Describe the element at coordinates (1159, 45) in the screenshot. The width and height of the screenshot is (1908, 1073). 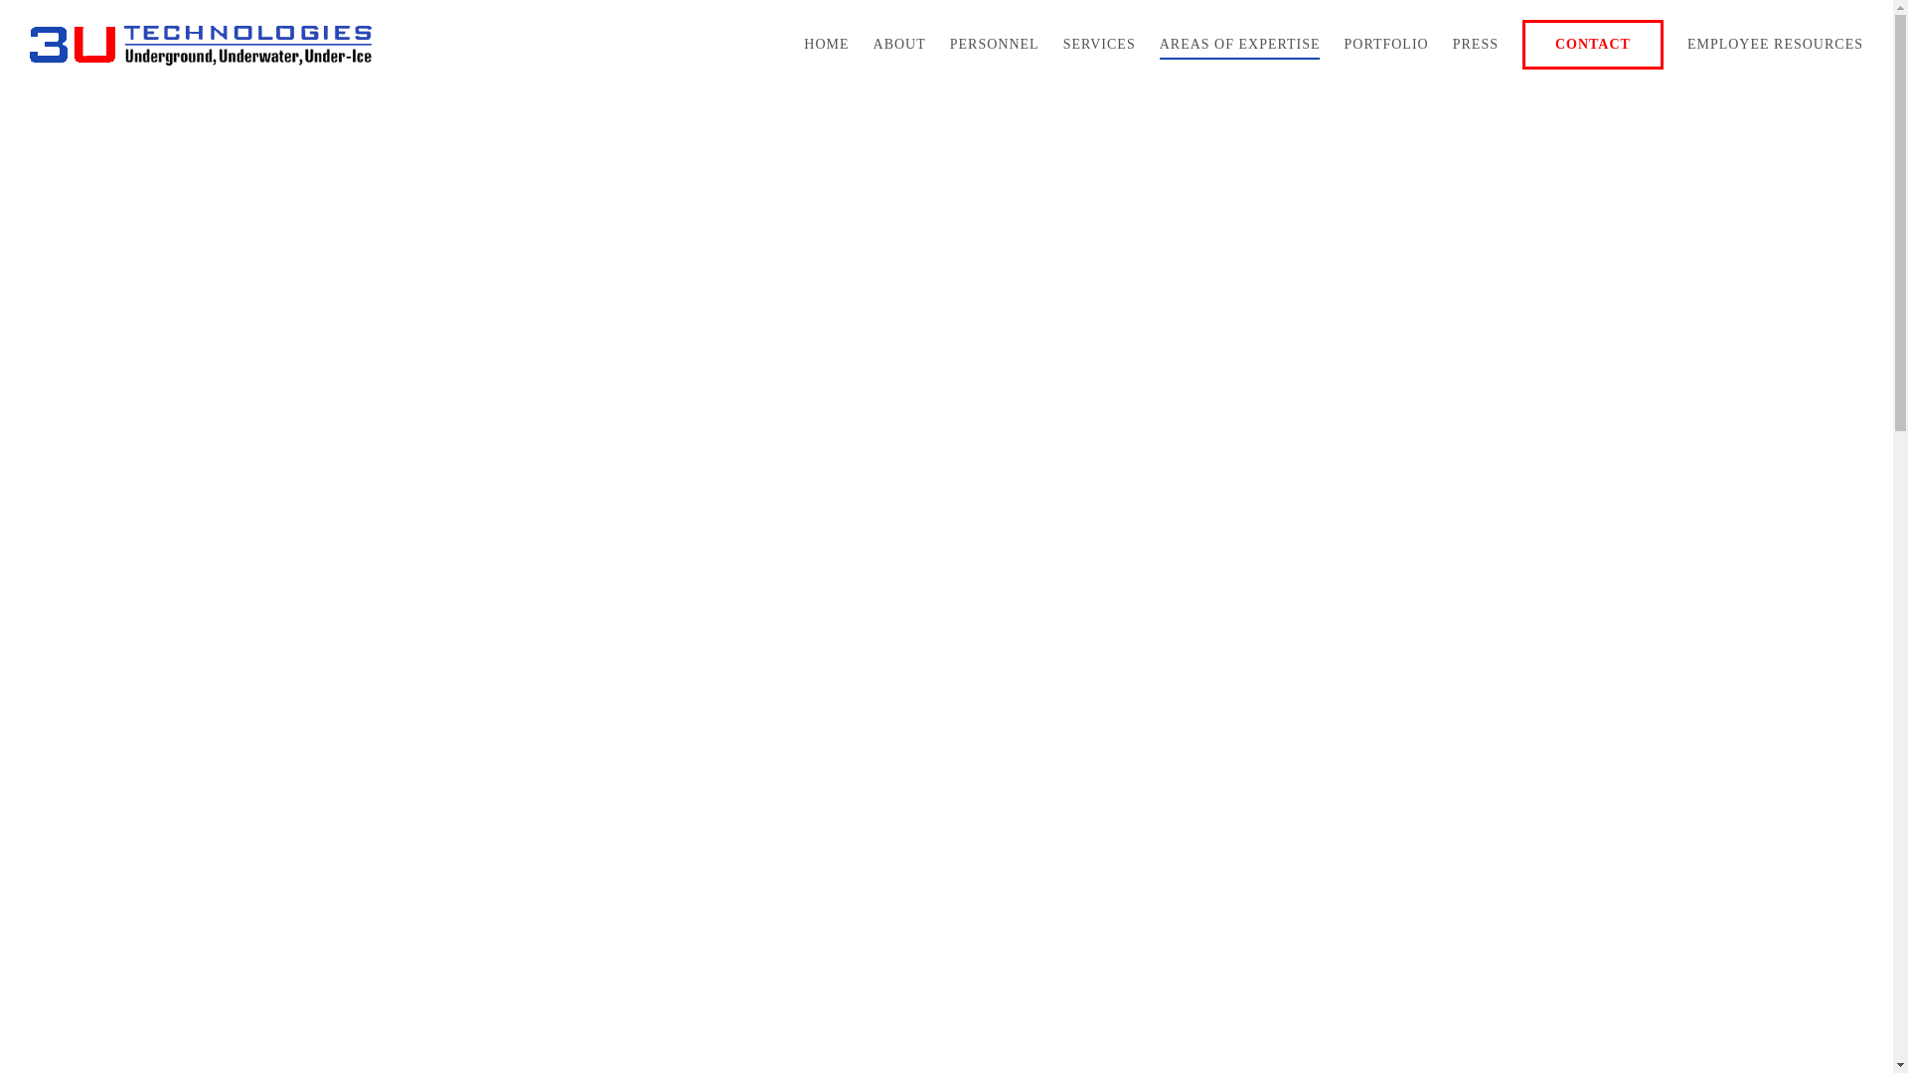
I see `'AREAS OF EXPERTISE'` at that location.